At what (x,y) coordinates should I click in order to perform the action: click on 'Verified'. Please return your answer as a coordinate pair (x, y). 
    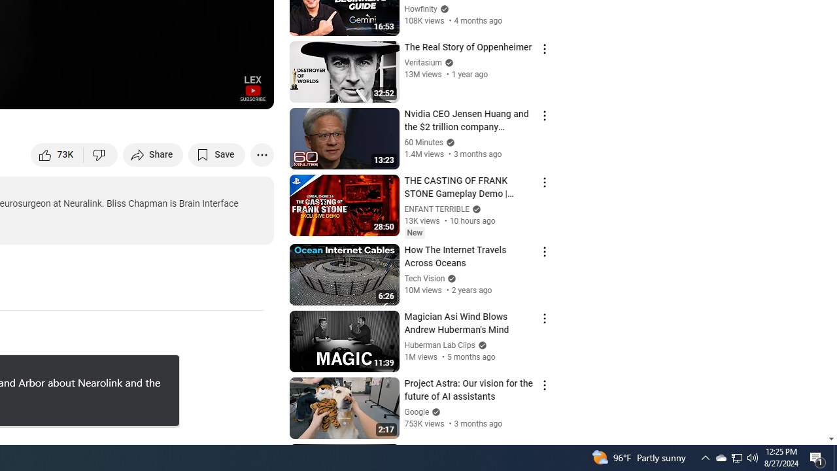
    Looking at the image, I should click on (434, 411).